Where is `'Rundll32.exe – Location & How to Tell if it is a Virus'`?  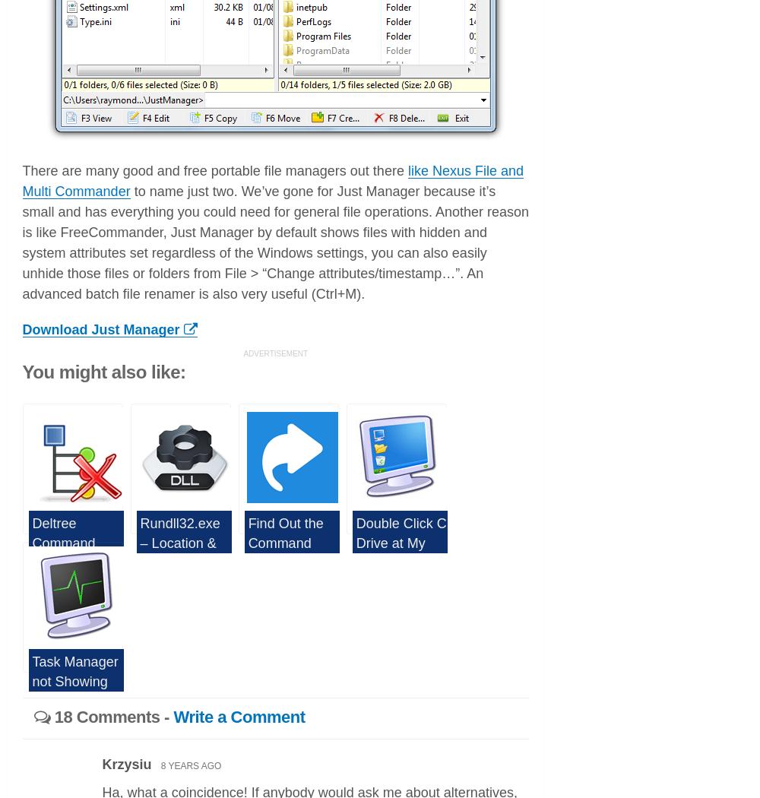
'Rundll32.exe – Location & How to Tell if it is a Virus' is located at coordinates (140, 551).